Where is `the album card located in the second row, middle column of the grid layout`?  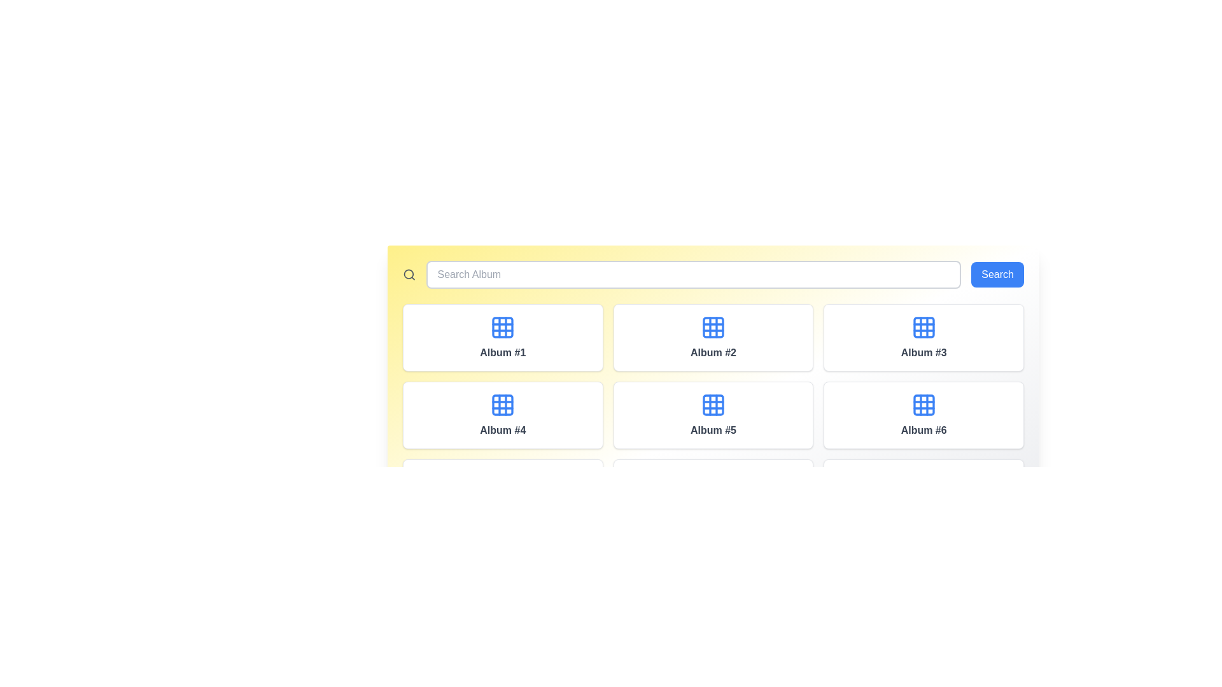 the album card located in the second row, middle column of the grid layout is located at coordinates (713, 415).